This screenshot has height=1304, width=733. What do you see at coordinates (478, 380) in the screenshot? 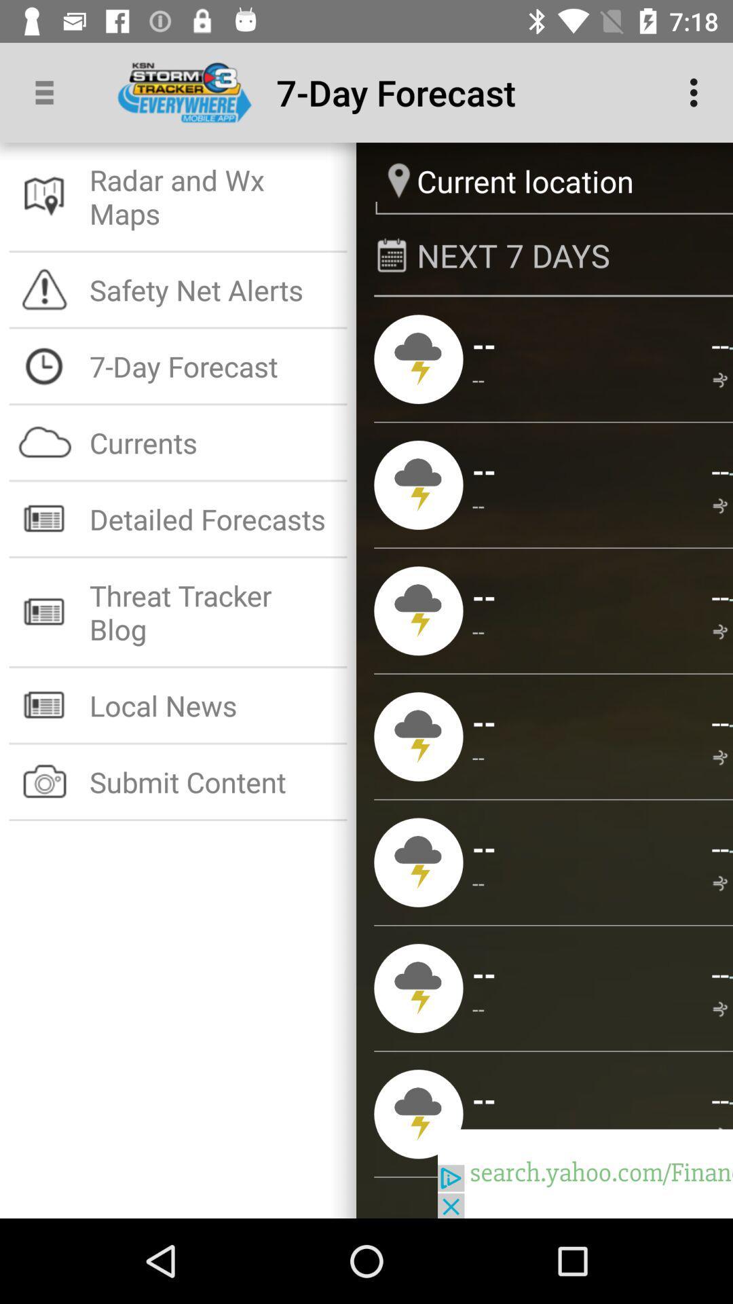
I see `the item next to --` at bounding box center [478, 380].